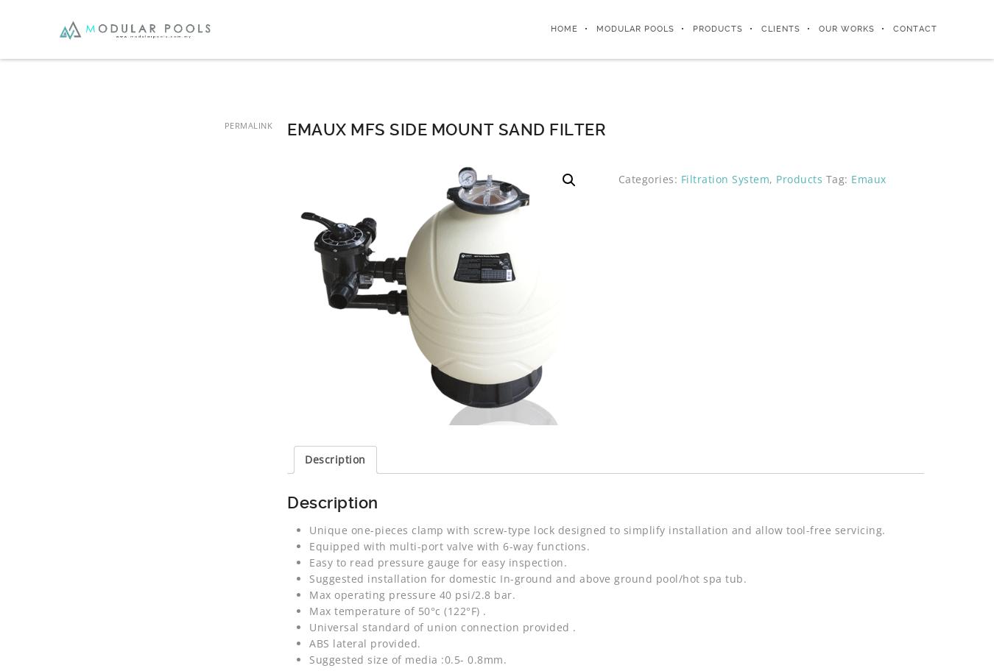 This screenshot has height=671, width=994. I want to click on 'Suggested size of media :0.5- 0.8mm.', so click(407, 658).